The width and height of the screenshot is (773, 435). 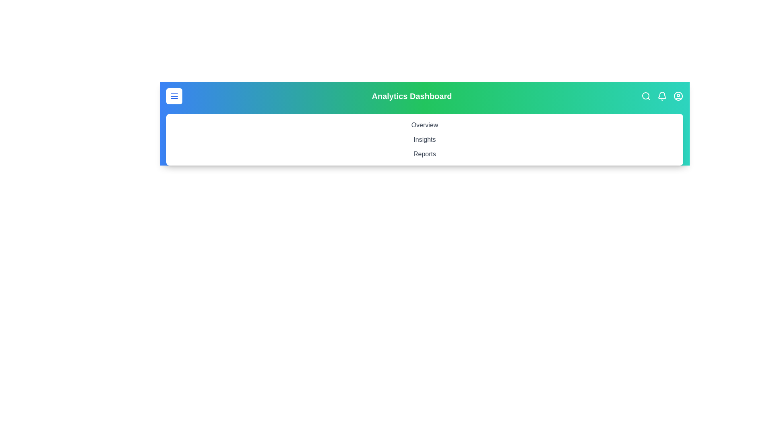 I want to click on the user profile icon to access user profile options, so click(x=678, y=96).